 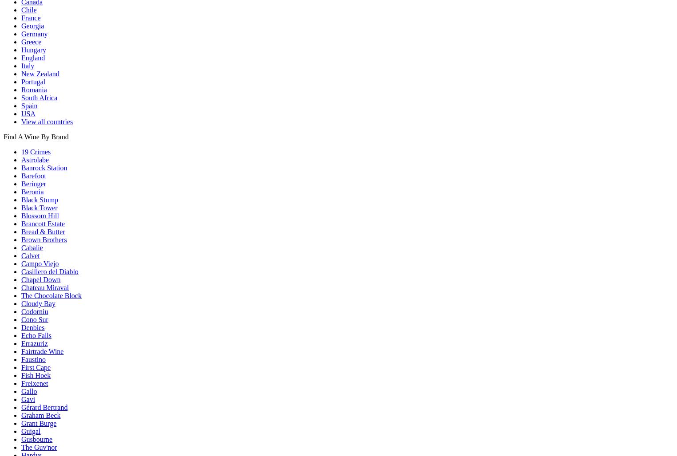 What do you see at coordinates (33, 183) in the screenshot?
I see `'Beringer'` at bounding box center [33, 183].